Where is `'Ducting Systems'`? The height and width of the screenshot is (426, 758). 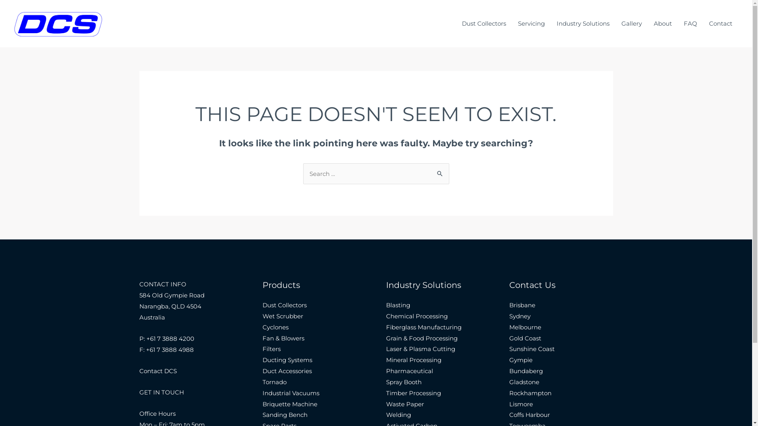
'Ducting Systems' is located at coordinates (287, 360).